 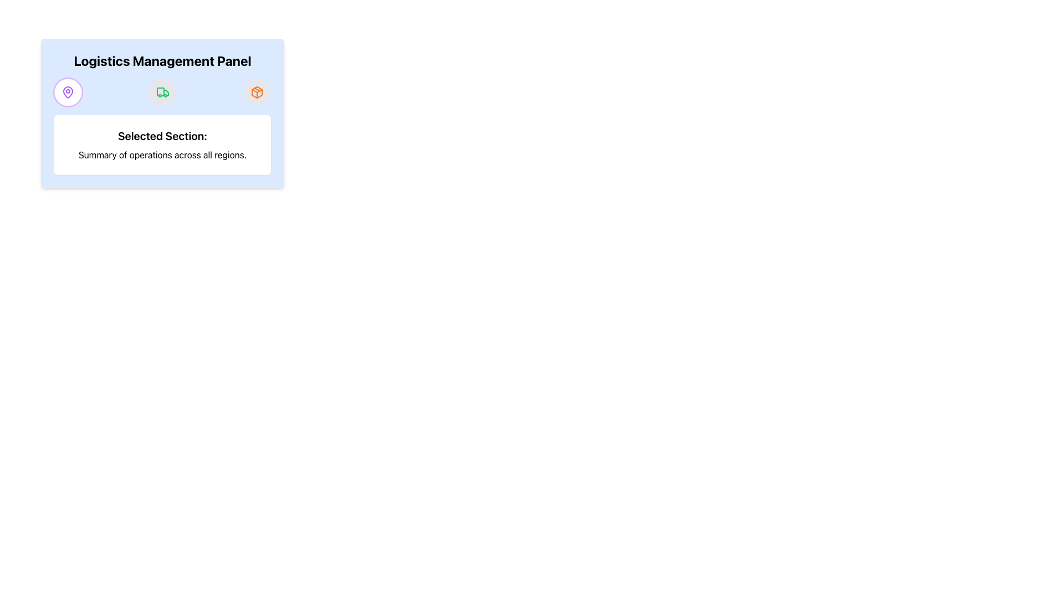 I want to click on the purple heart icon that is part of a map pin design, located within the logistics management panel, so click(x=68, y=91).